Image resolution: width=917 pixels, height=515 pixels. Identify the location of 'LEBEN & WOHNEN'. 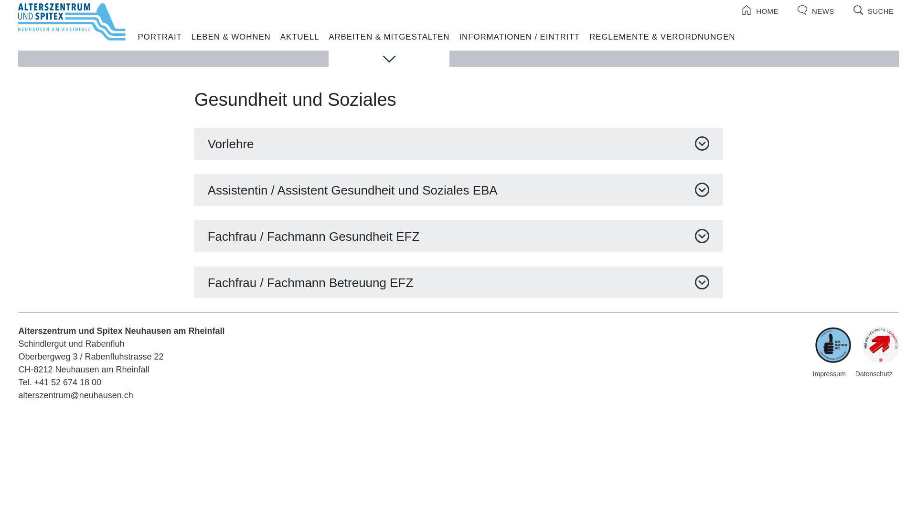
(191, 36).